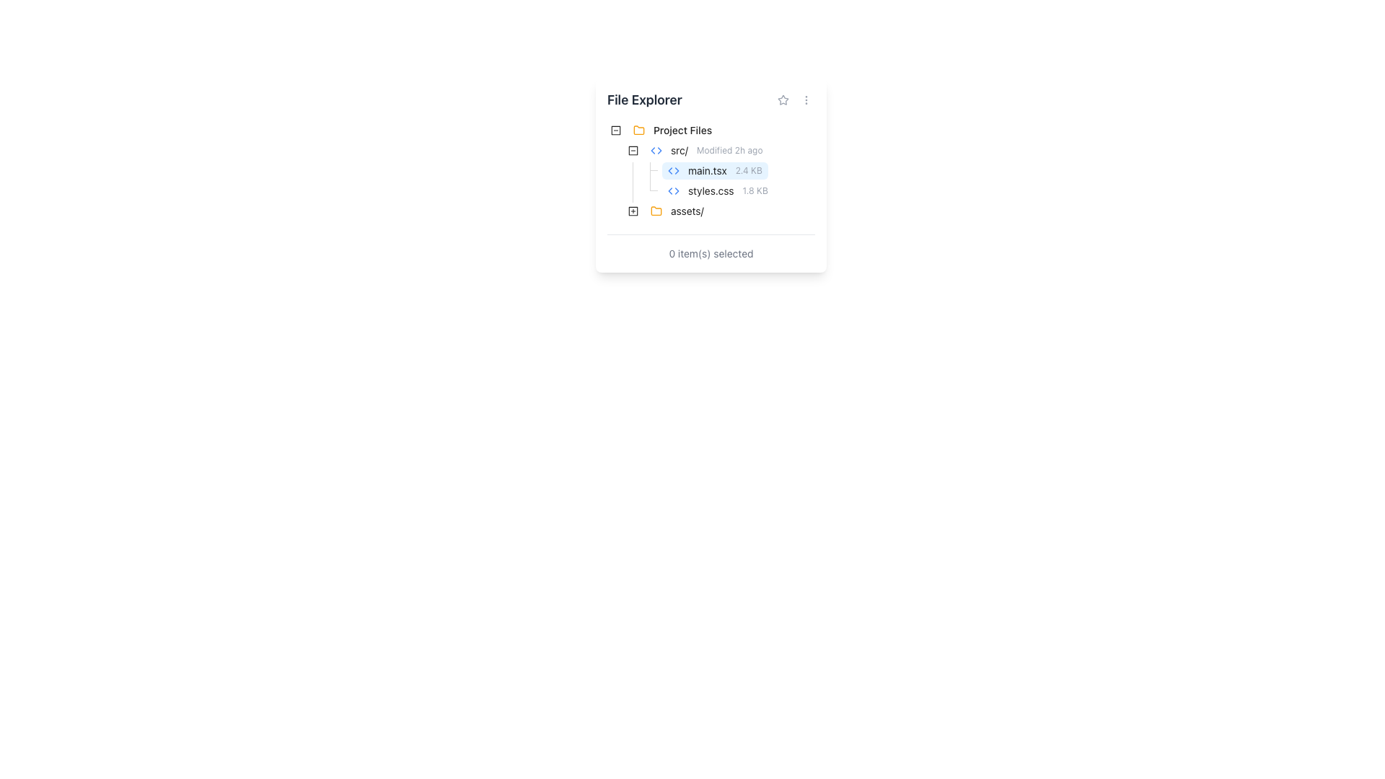 The width and height of the screenshot is (1385, 779). What do you see at coordinates (686, 211) in the screenshot?
I see `the text label displaying 'assets/' in a file explorer interface` at bounding box center [686, 211].